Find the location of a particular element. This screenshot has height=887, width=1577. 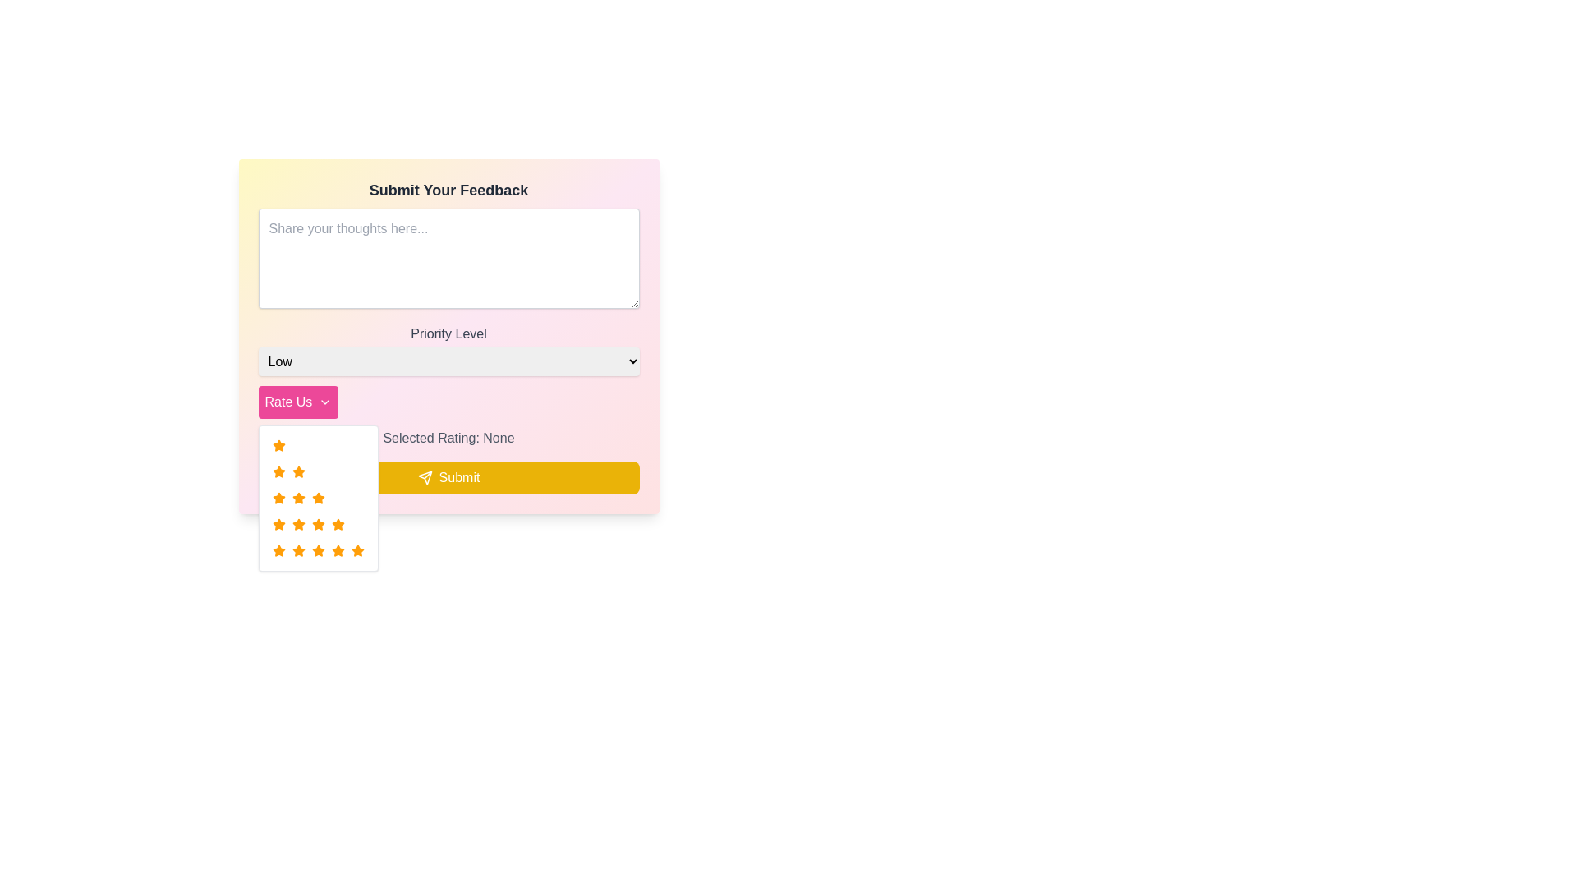

the first star-shaped icon filled with orange-yellow color under the 'Rate Us' dropdown to focus on it is located at coordinates (278, 471).